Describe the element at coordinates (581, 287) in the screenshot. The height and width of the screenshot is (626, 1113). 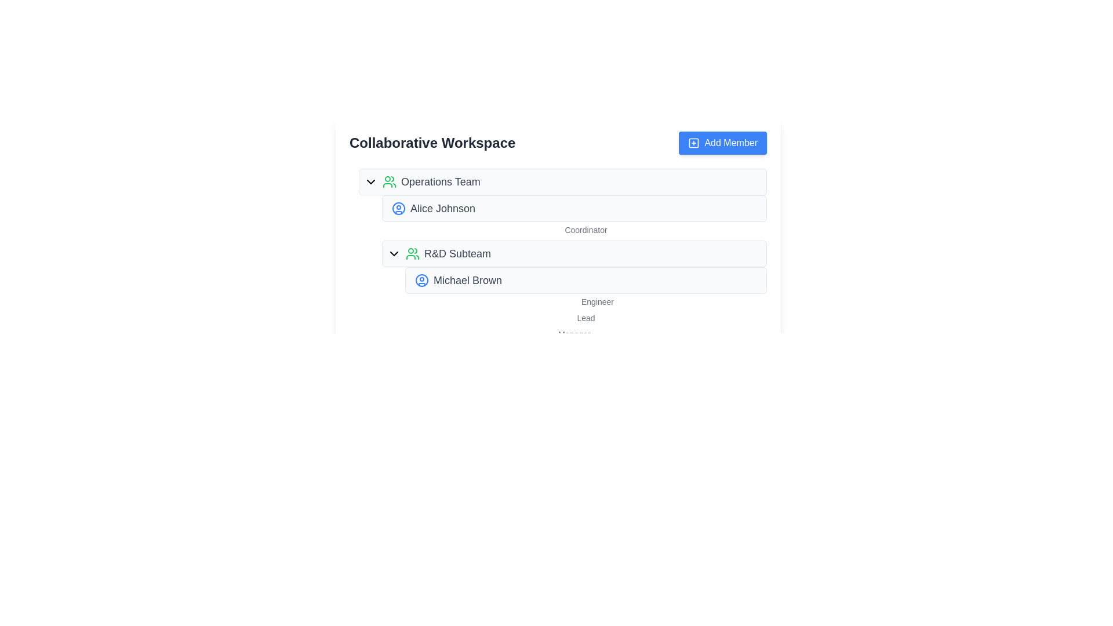
I see `the second list item representing a team member's name and role in the 'R&D Subteam' section` at that location.